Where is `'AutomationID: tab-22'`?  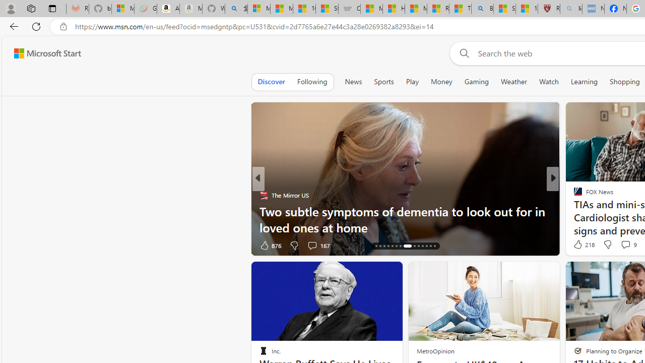
'AutomationID: tab-22' is located at coordinates (407, 246).